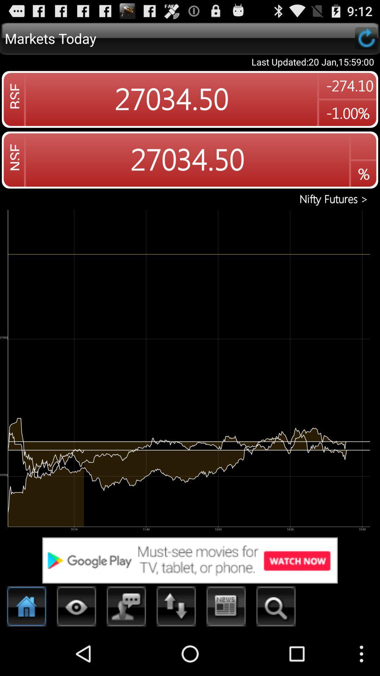  What do you see at coordinates (366, 38) in the screenshot?
I see `save` at bounding box center [366, 38].